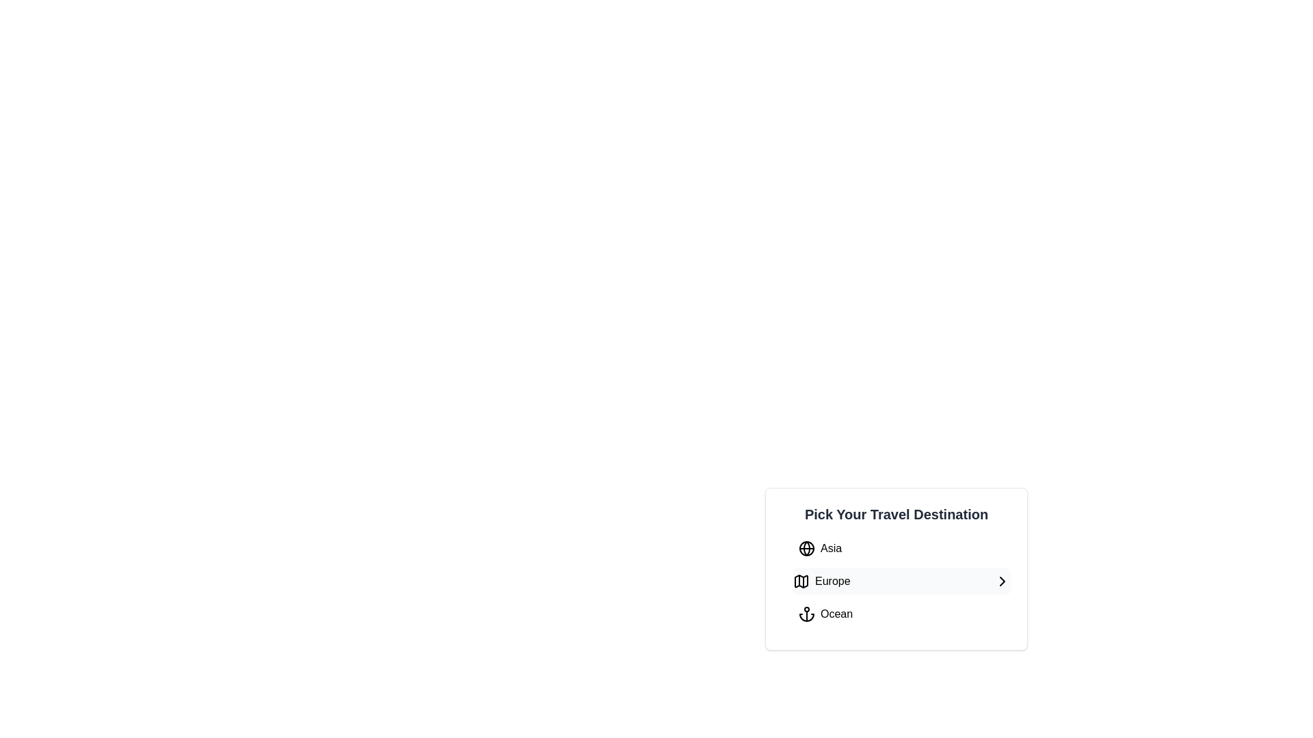  What do you see at coordinates (836, 613) in the screenshot?
I see `text label 'Ocean' which is the third item in the vertical list beneath the heading 'Pick Your Travel Destination.'` at bounding box center [836, 613].